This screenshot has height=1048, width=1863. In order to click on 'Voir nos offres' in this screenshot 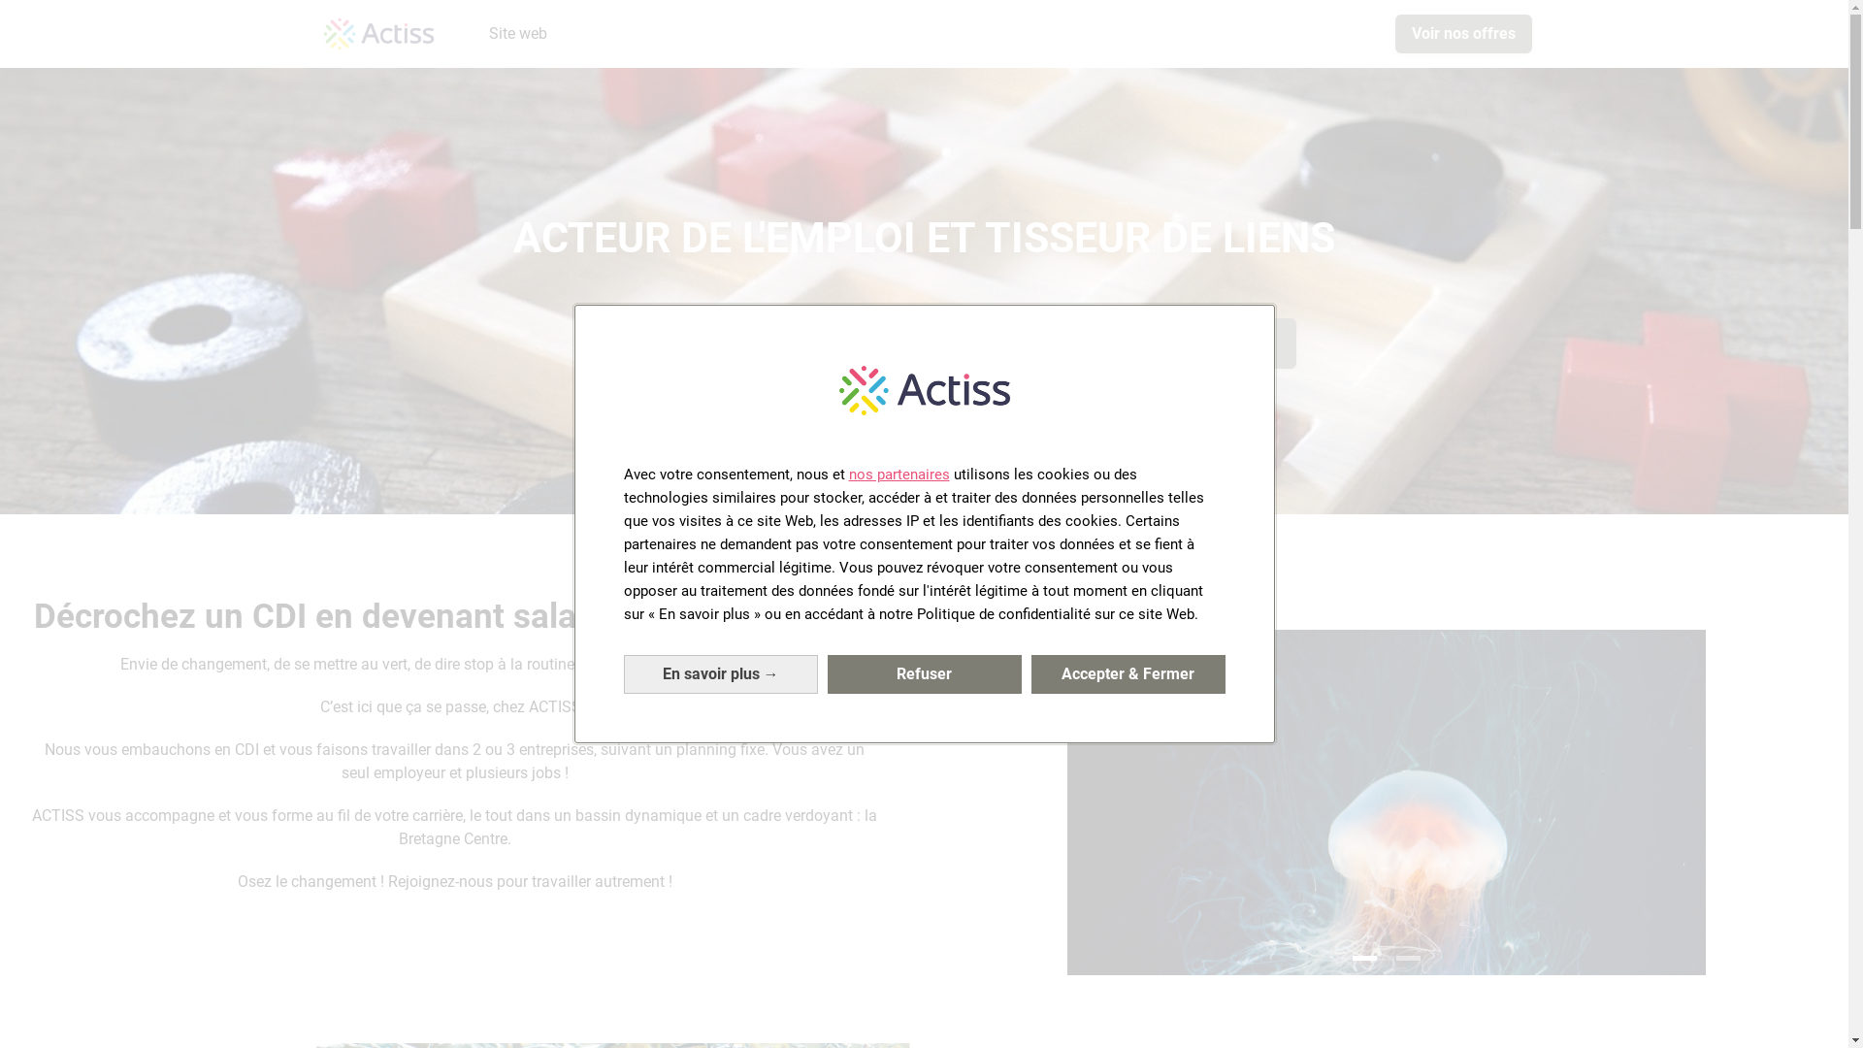, I will do `click(1394, 33)`.